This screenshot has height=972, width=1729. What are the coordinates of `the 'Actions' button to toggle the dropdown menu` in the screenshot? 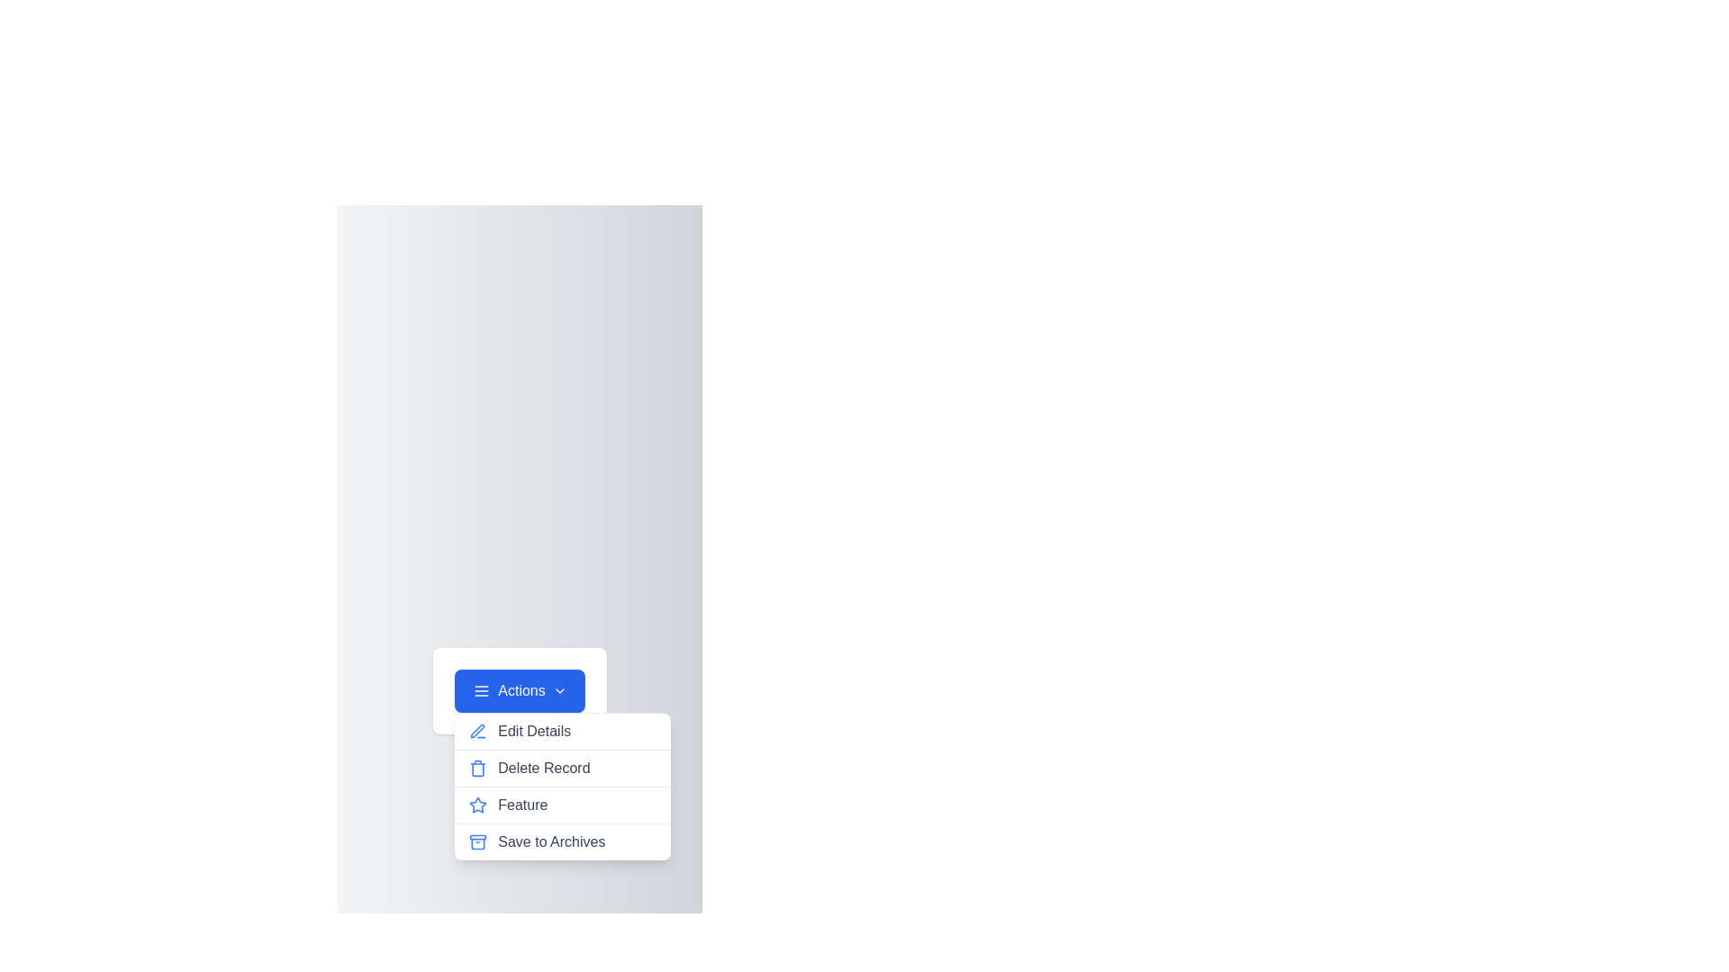 It's located at (519, 689).